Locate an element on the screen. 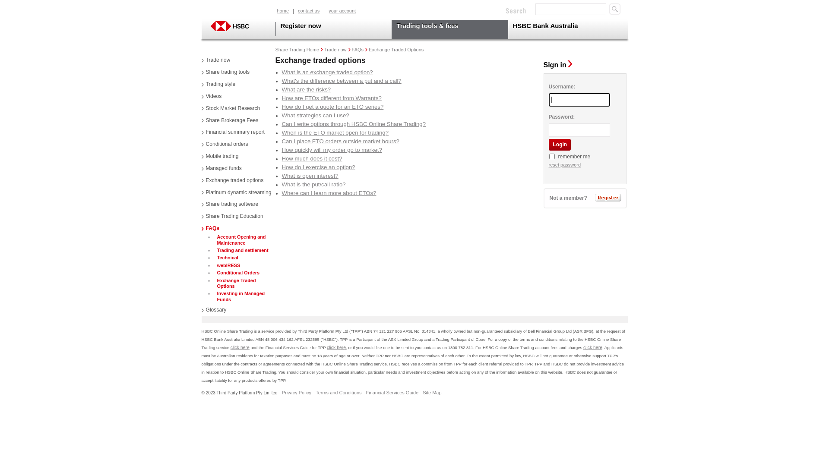 The image size is (829, 466). 'Where can I learn more about ETOs?' is located at coordinates (328, 192).